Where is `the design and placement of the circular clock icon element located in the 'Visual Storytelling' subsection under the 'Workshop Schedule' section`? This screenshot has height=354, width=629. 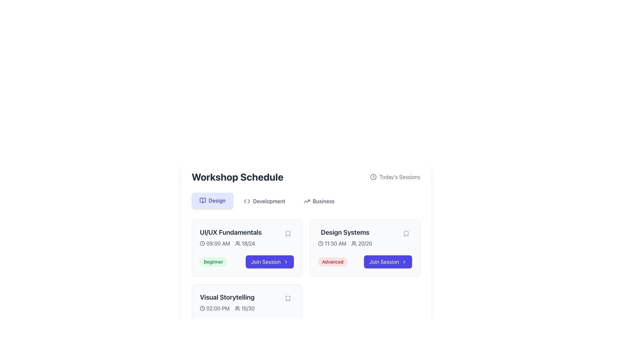 the design and placement of the circular clock icon element located in the 'Visual Storytelling' subsection under the 'Workshop Schedule' section is located at coordinates (202, 308).